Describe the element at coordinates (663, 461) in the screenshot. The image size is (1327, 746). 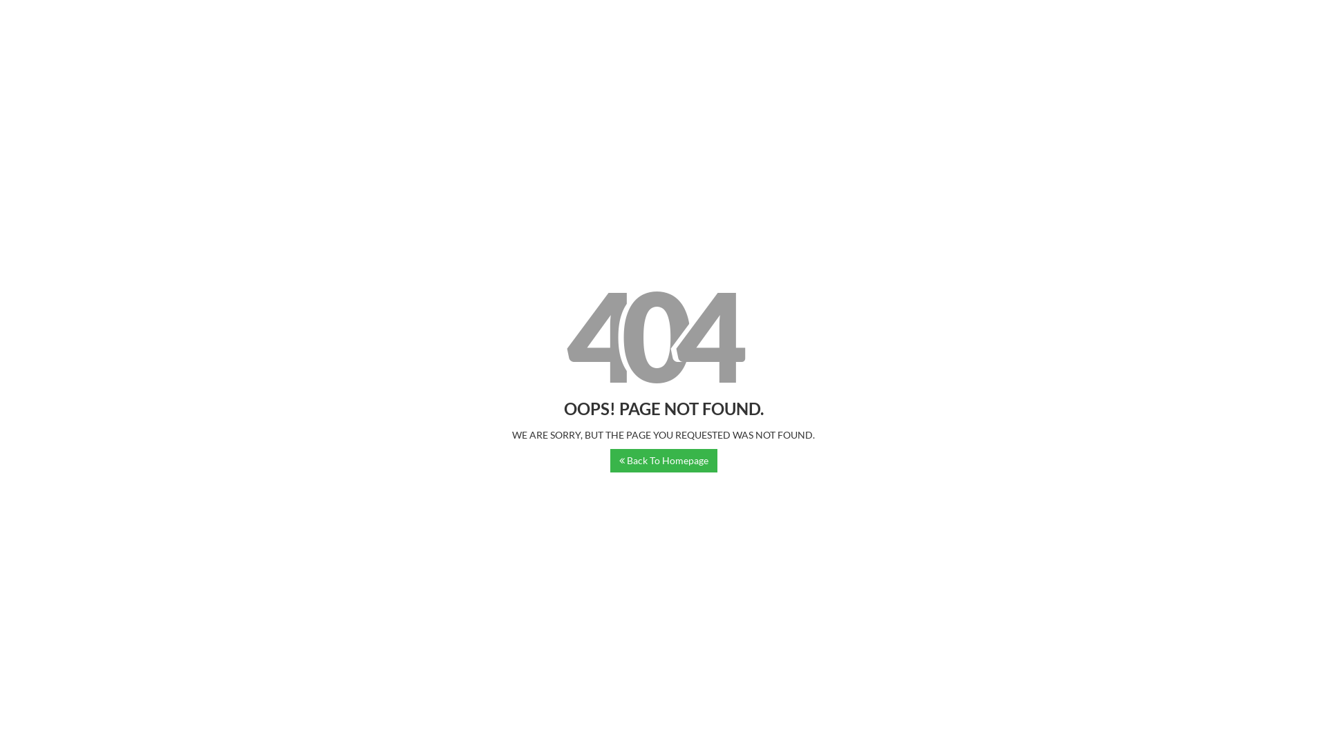
I see `'Back To Homepage'` at that location.